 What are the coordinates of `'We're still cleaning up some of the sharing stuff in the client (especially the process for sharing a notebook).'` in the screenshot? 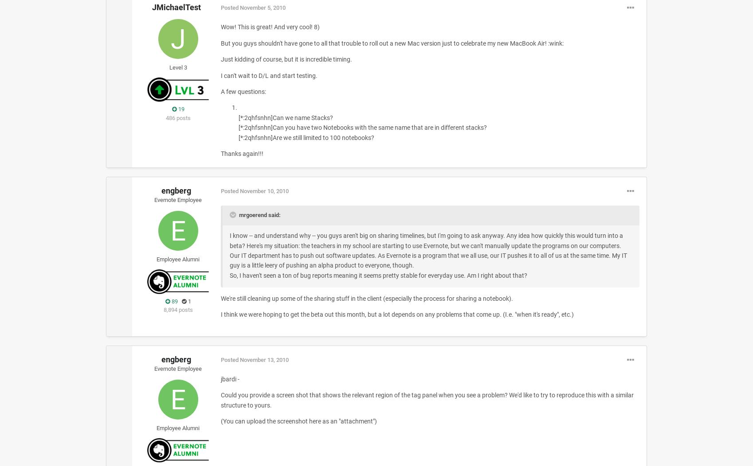 It's located at (366, 298).